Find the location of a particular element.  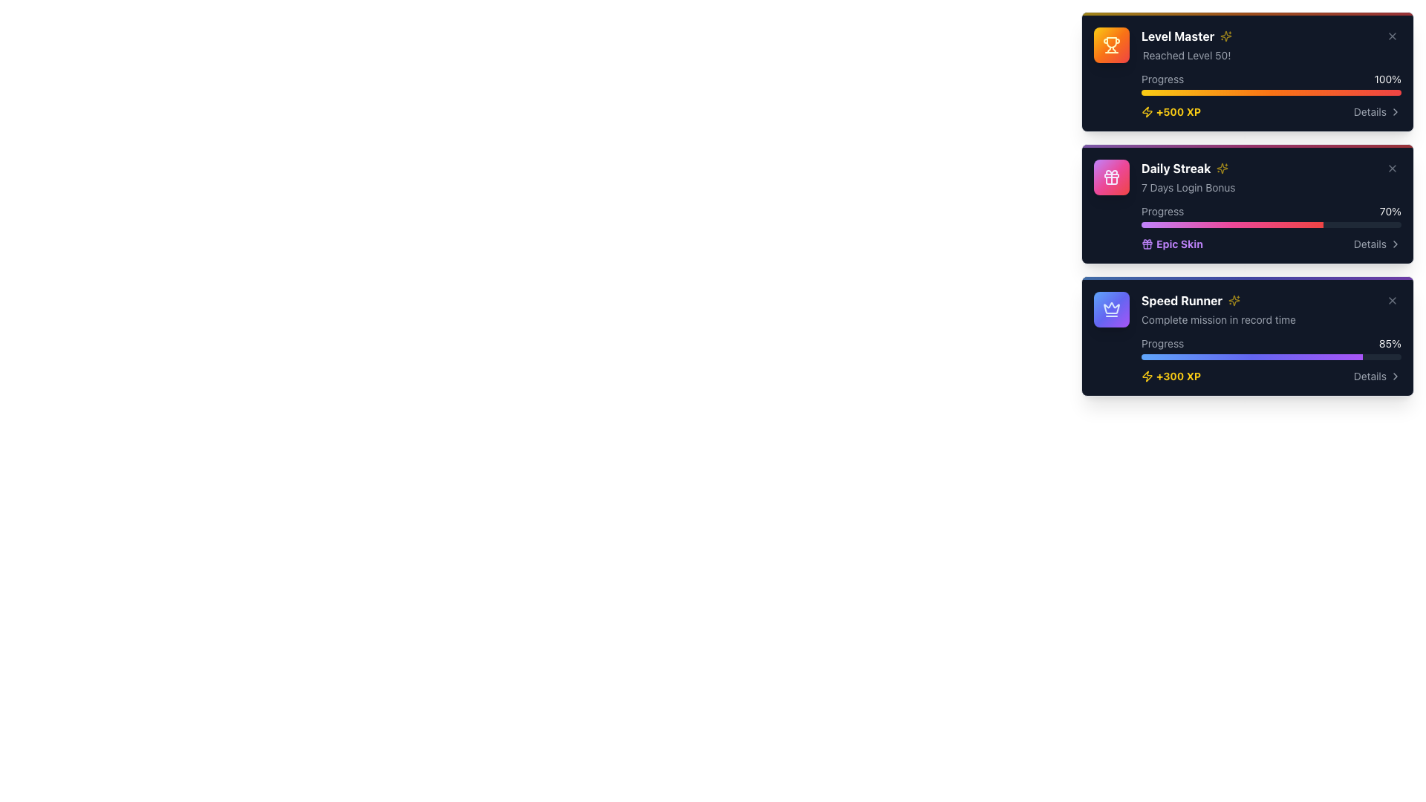

the close button located in the top-right corner of the 'Speed Runner' card is located at coordinates (1392, 301).